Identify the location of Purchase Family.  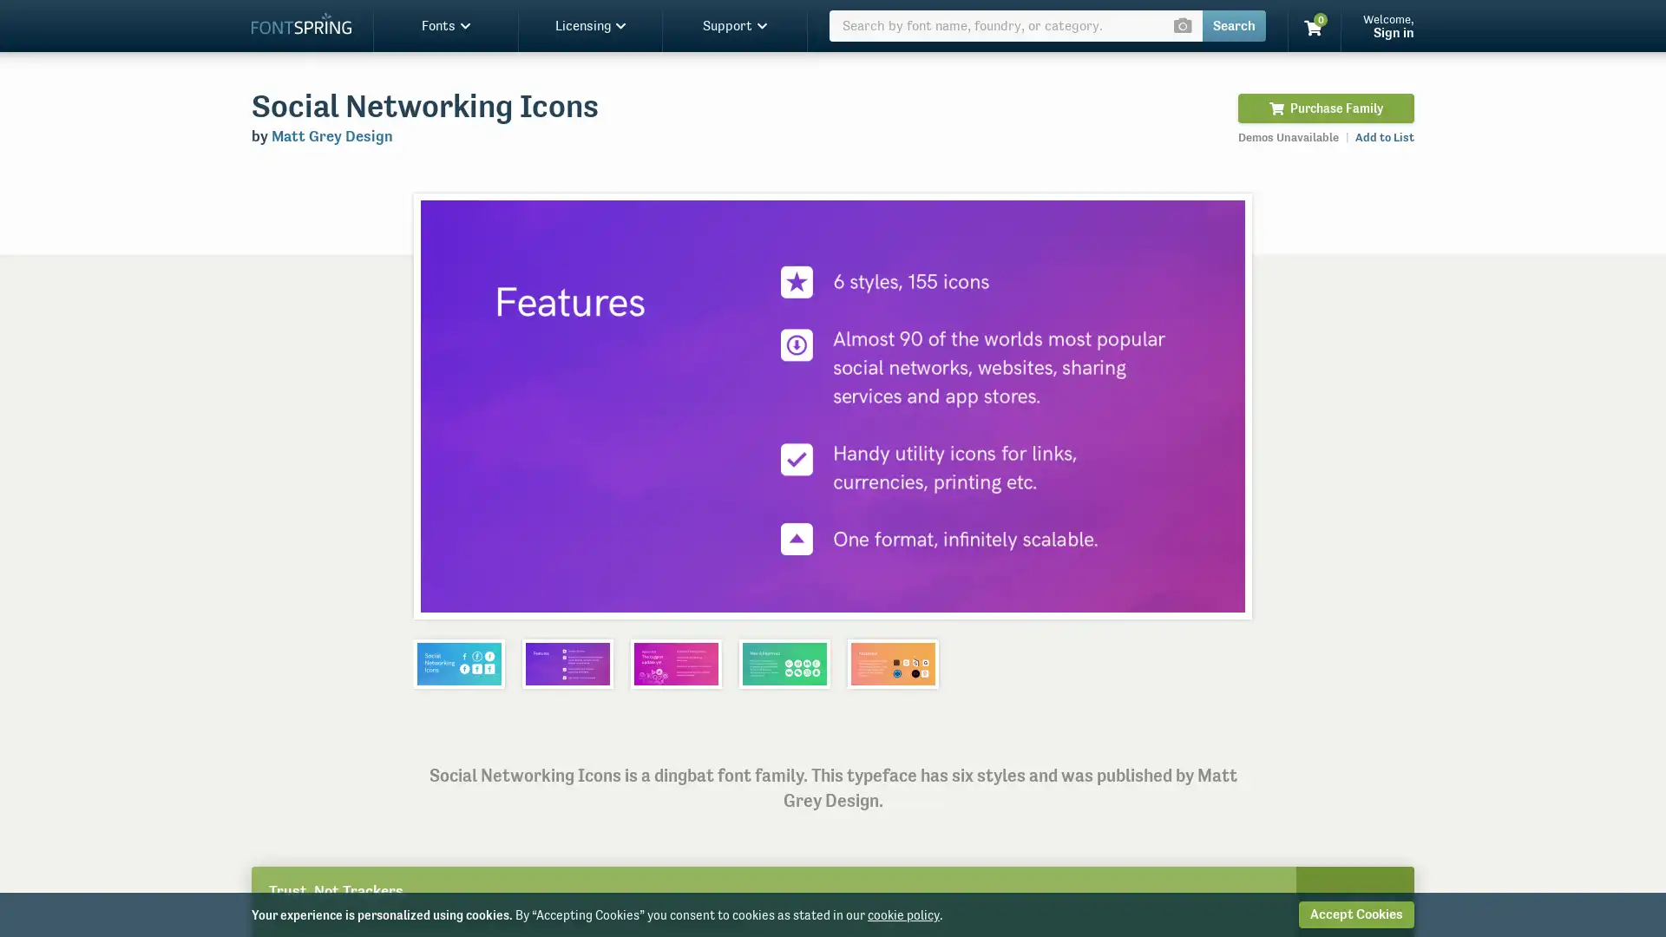
(1325, 108).